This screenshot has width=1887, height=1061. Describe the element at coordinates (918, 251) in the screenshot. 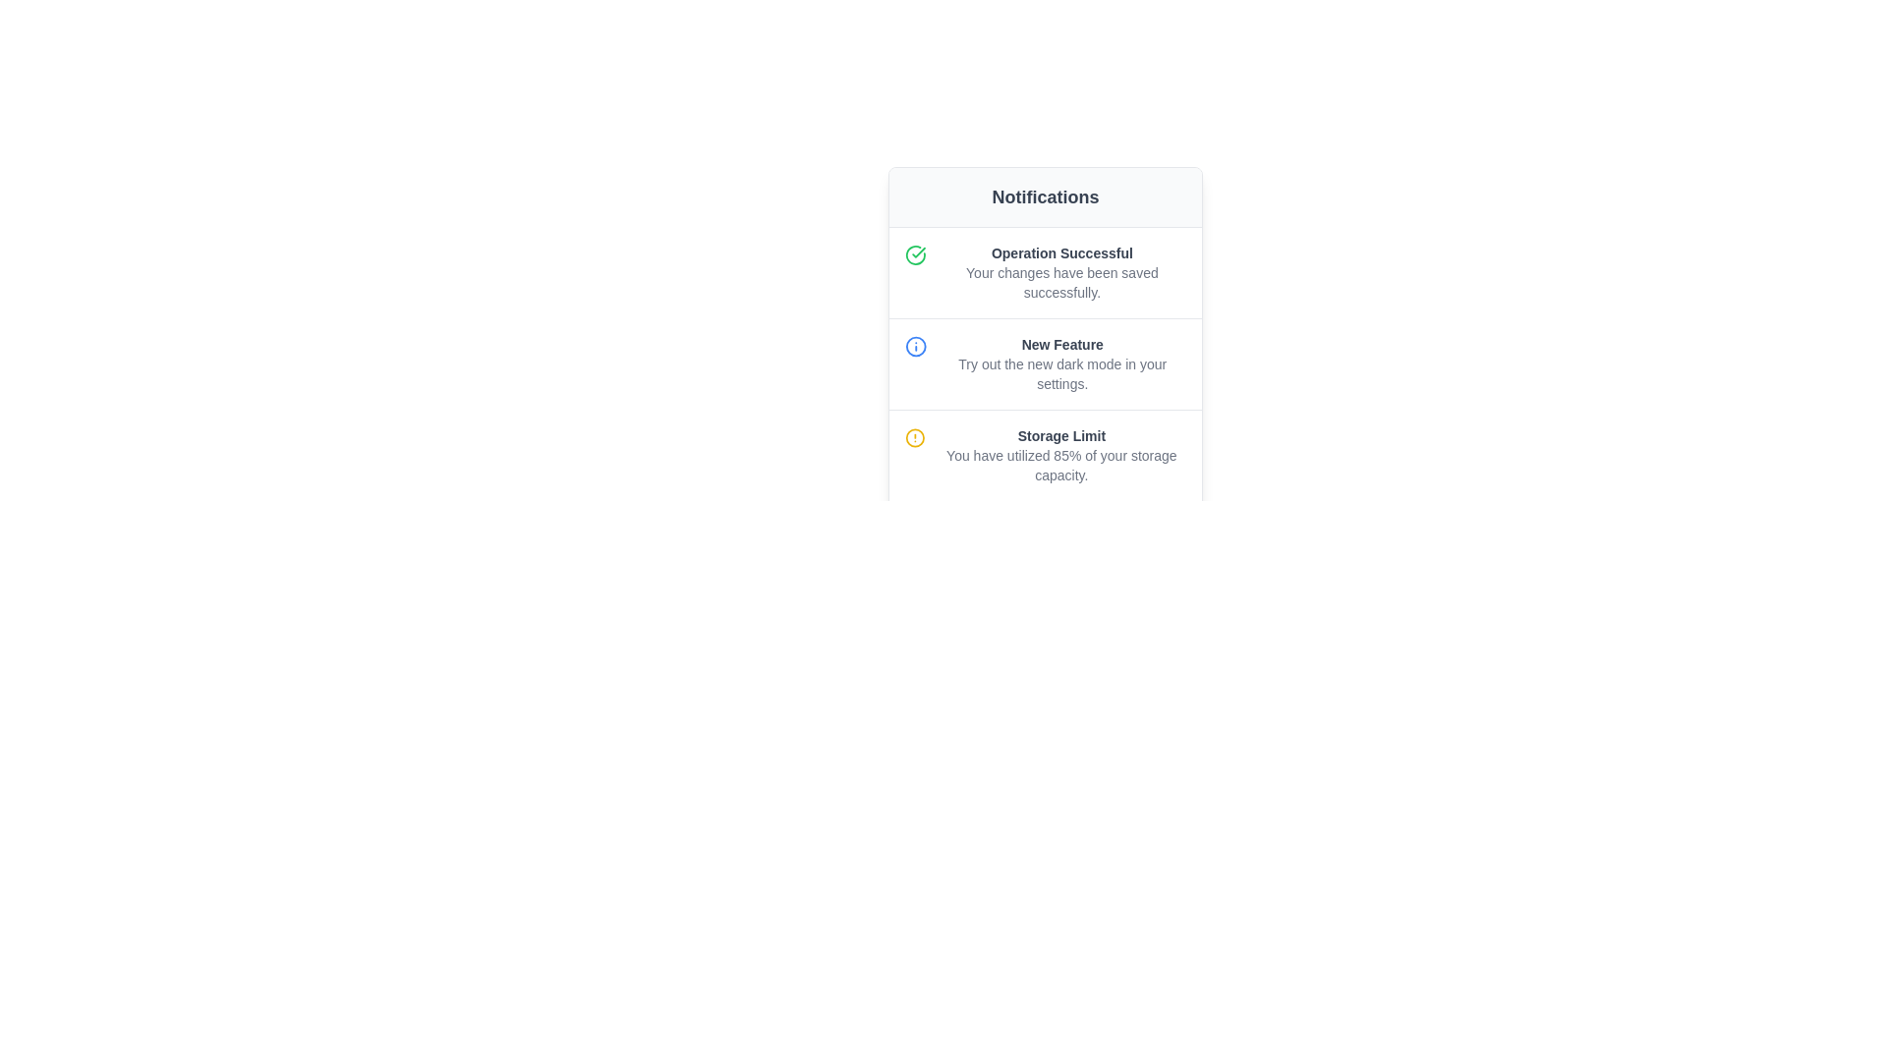

I see `the green checkmark icon with a circular outline, which represents a confirmation symbol next to the 'Operation Successful' notification` at that location.